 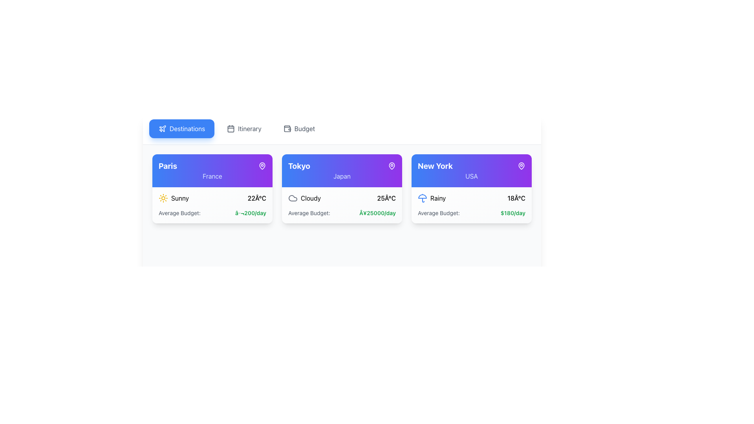 What do you see at coordinates (262, 166) in the screenshot?
I see `the icon representing the location association of the card symbolizing 'Paris', located in the top-right corner of the Paris card's header section, adjacent to the label 'Paris'` at bounding box center [262, 166].